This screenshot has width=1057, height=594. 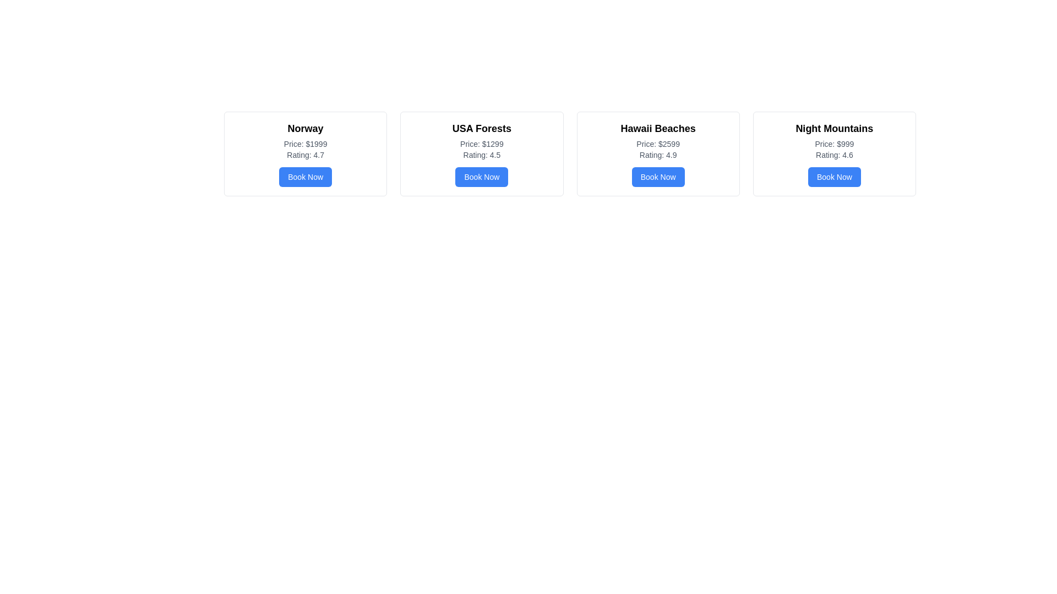 What do you see at coordinates (658, 144) in the screenshot?
I see `the static text display that informs users about the cost associated with the 'Hawaii Beaches' destination, positioned below the title 'Hawaii Beaches'` at bounding box center [658, 144].